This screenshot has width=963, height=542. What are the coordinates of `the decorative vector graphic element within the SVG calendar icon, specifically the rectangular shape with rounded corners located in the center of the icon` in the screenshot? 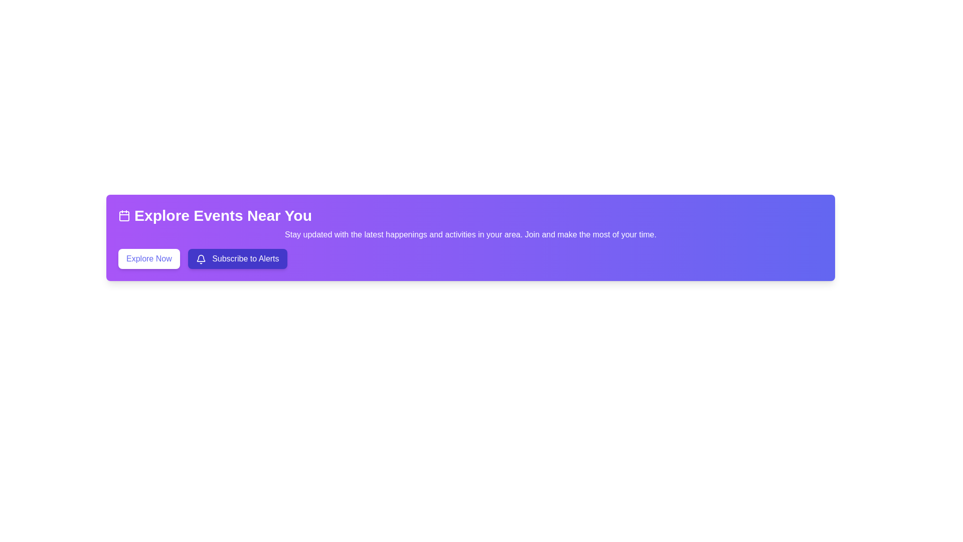 It's located at (124, 216).